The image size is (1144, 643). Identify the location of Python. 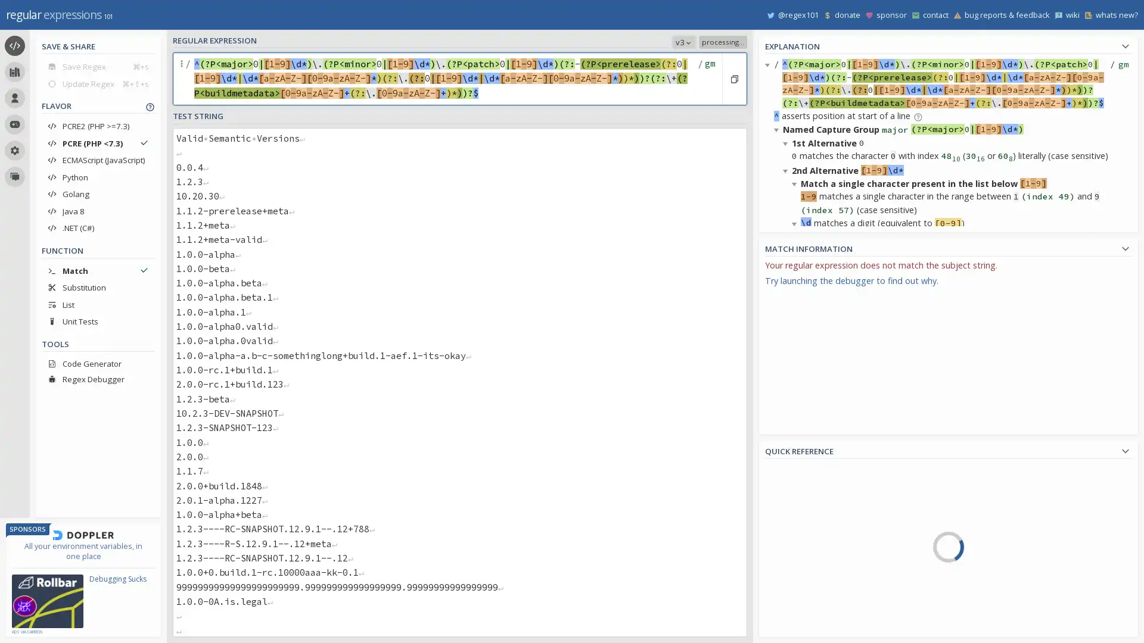
(98, 177).